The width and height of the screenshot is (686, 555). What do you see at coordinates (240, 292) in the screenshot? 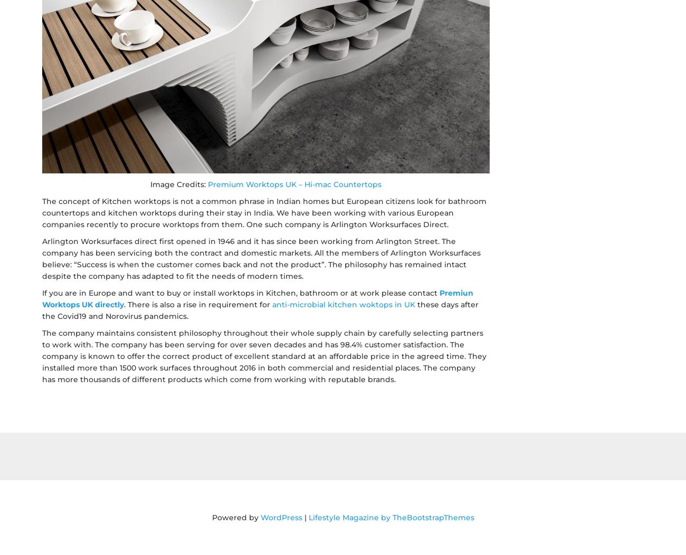
I see `'If you are in Europe and want to buy or install worktops in Kitchen, bathroom or at work please contact'` at bounding box center [240, 292].